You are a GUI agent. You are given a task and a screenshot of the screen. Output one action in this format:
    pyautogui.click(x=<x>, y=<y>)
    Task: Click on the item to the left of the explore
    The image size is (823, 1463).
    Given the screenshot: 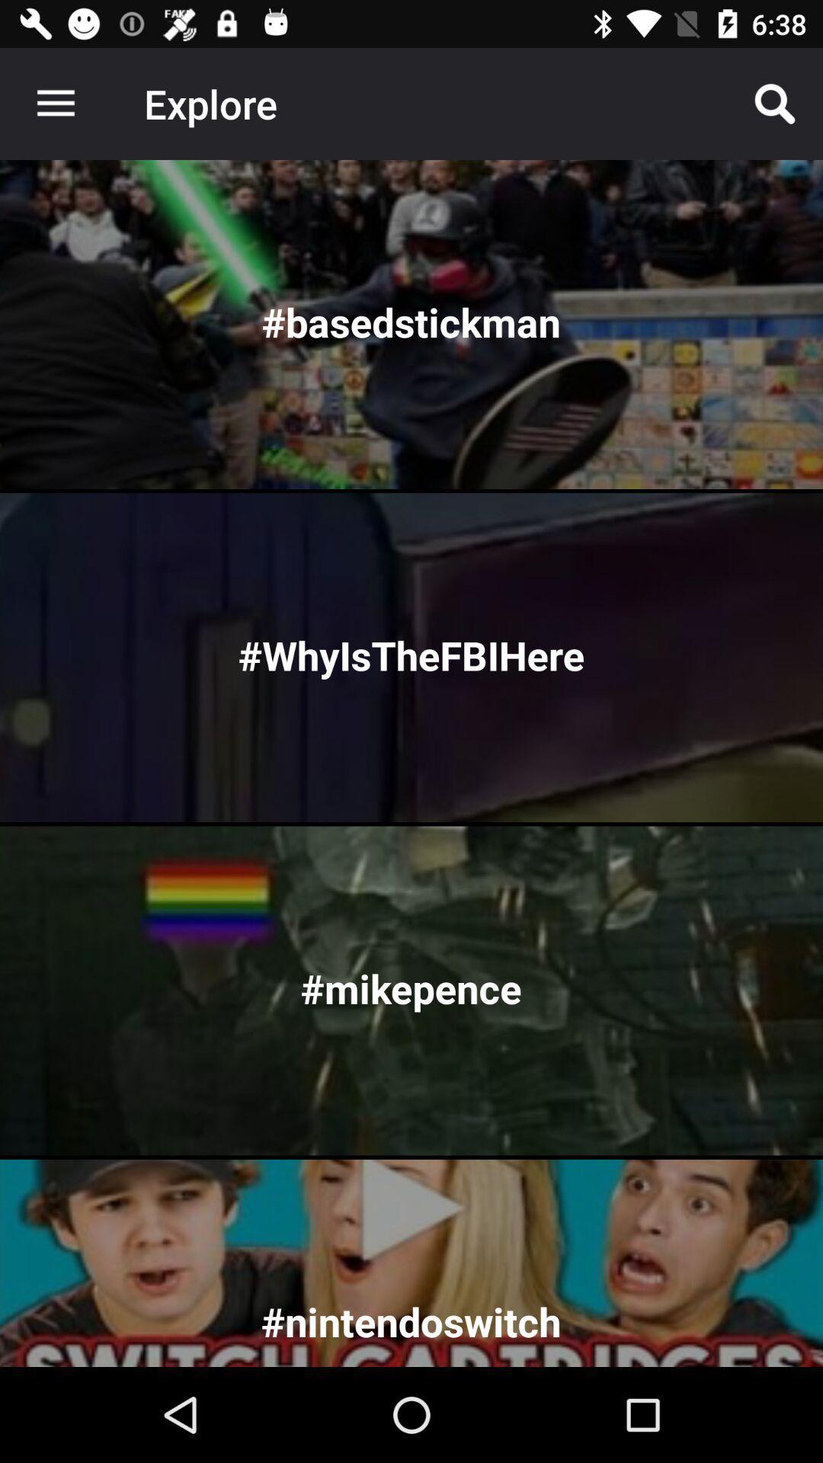 What is the action you would take?
    pyautogui.click(x=55, y=103)
    